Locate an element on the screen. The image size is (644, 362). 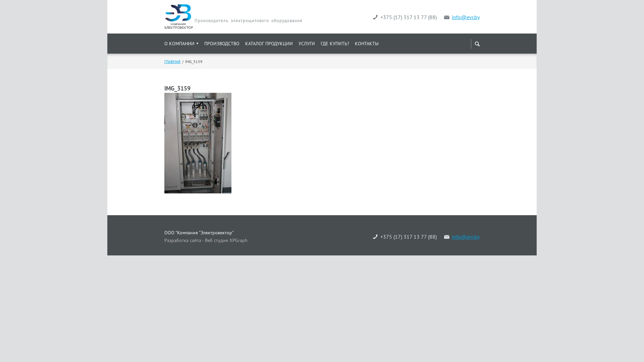
'info@evr.by' is located at coordinates (444, 17).